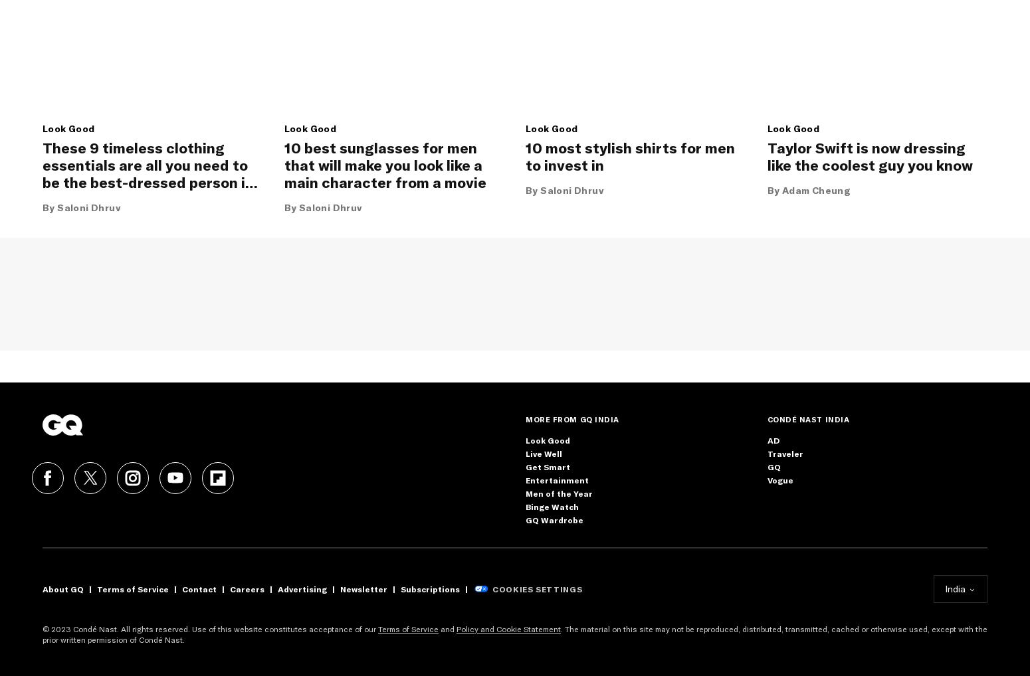 This screenshot has width=1030, height=676. Describe the element at coordinates (772, 439) in the screenshot. I see `'AD'` at that location.